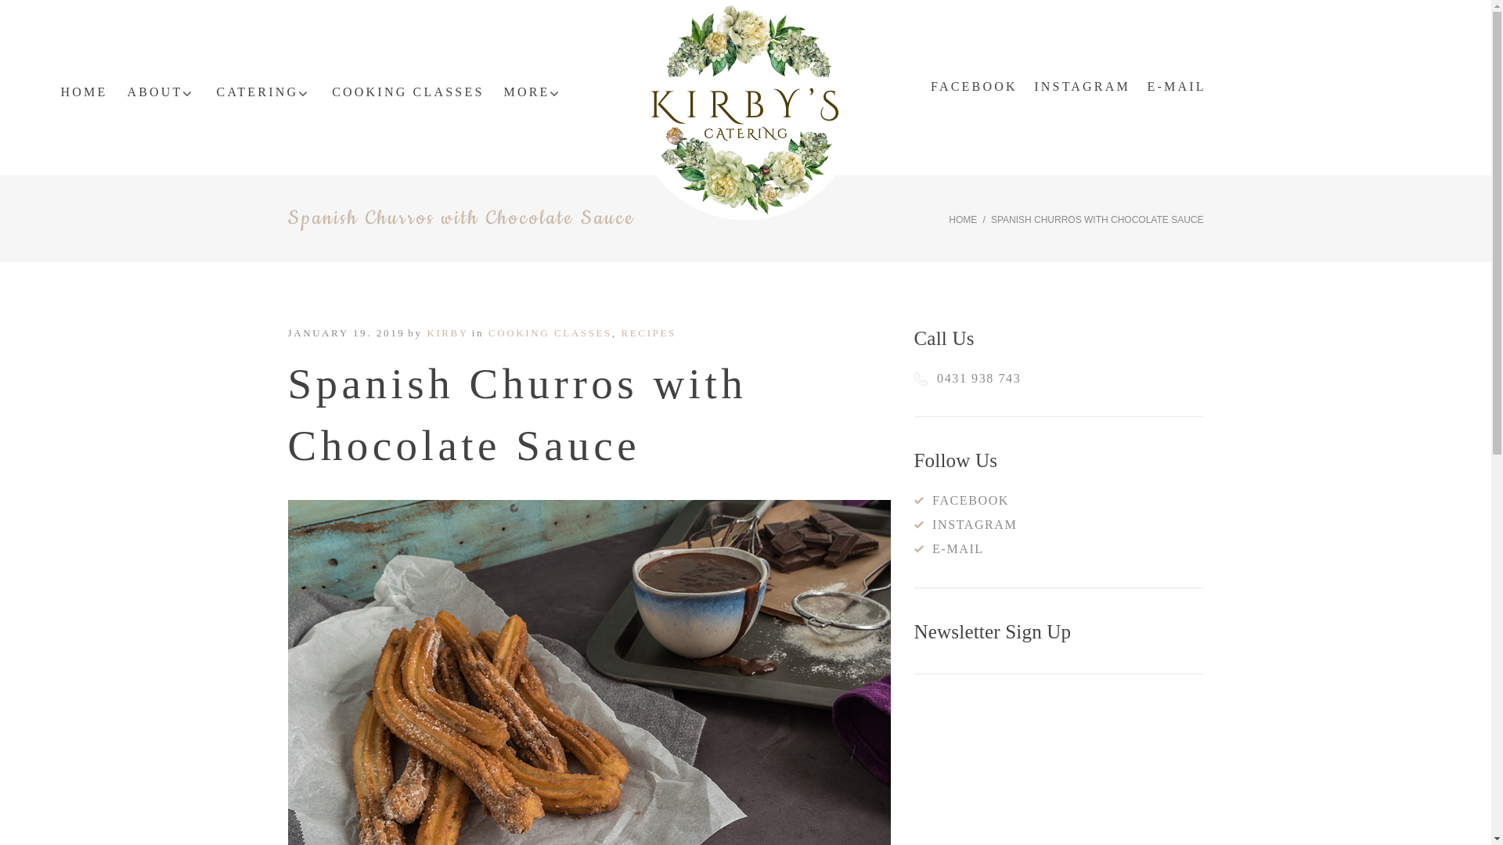  Describe the element at coordinates (345, 332) in the screenshot. I see `'JANUARY 19. 2019'` at that location.